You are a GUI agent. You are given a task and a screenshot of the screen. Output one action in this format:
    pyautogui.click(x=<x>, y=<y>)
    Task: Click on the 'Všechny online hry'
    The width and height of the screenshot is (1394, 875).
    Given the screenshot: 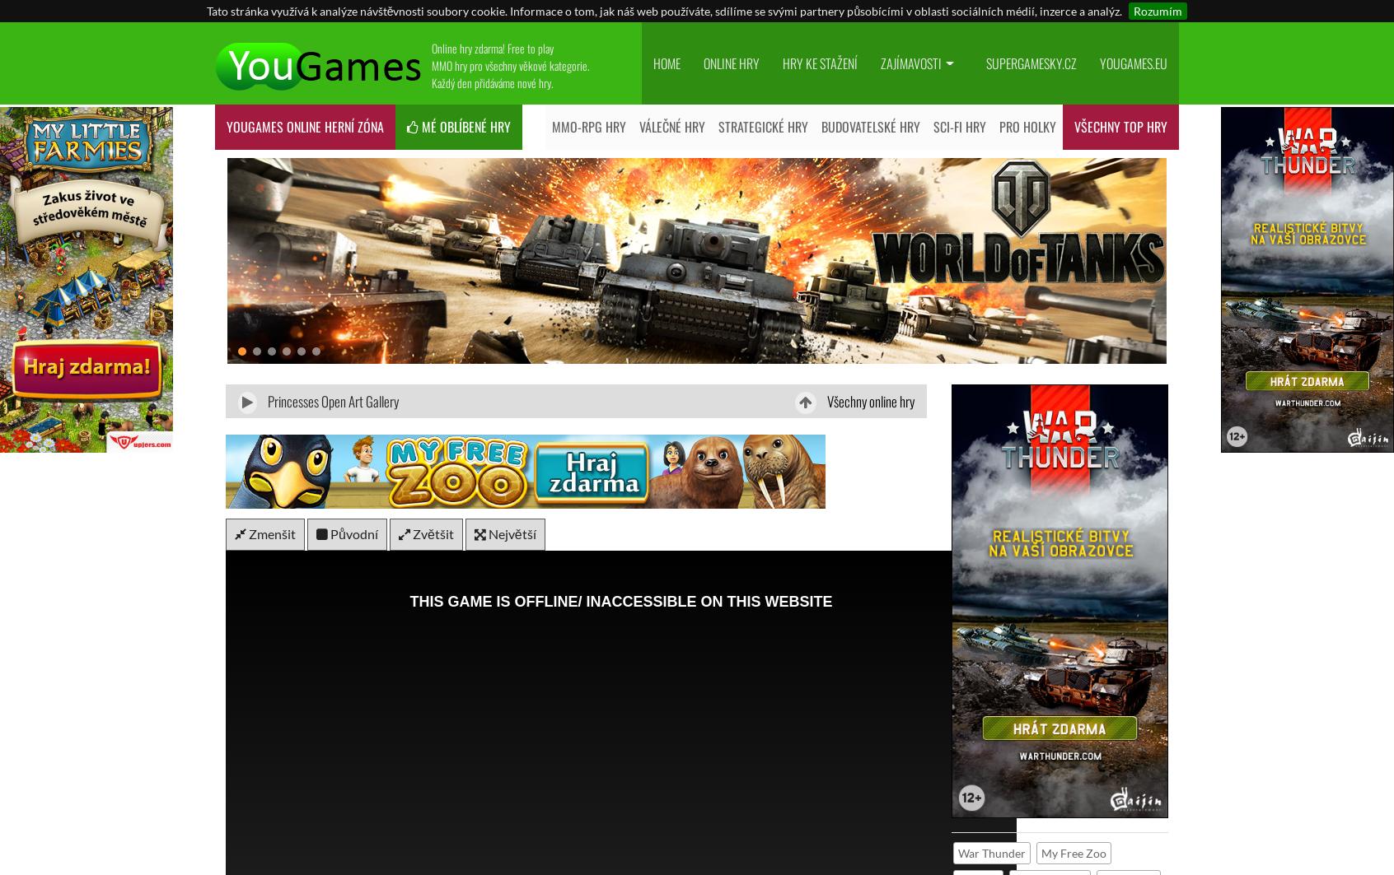 What is the action you would take?
    pyautogui.click(x=868, y=401)
    